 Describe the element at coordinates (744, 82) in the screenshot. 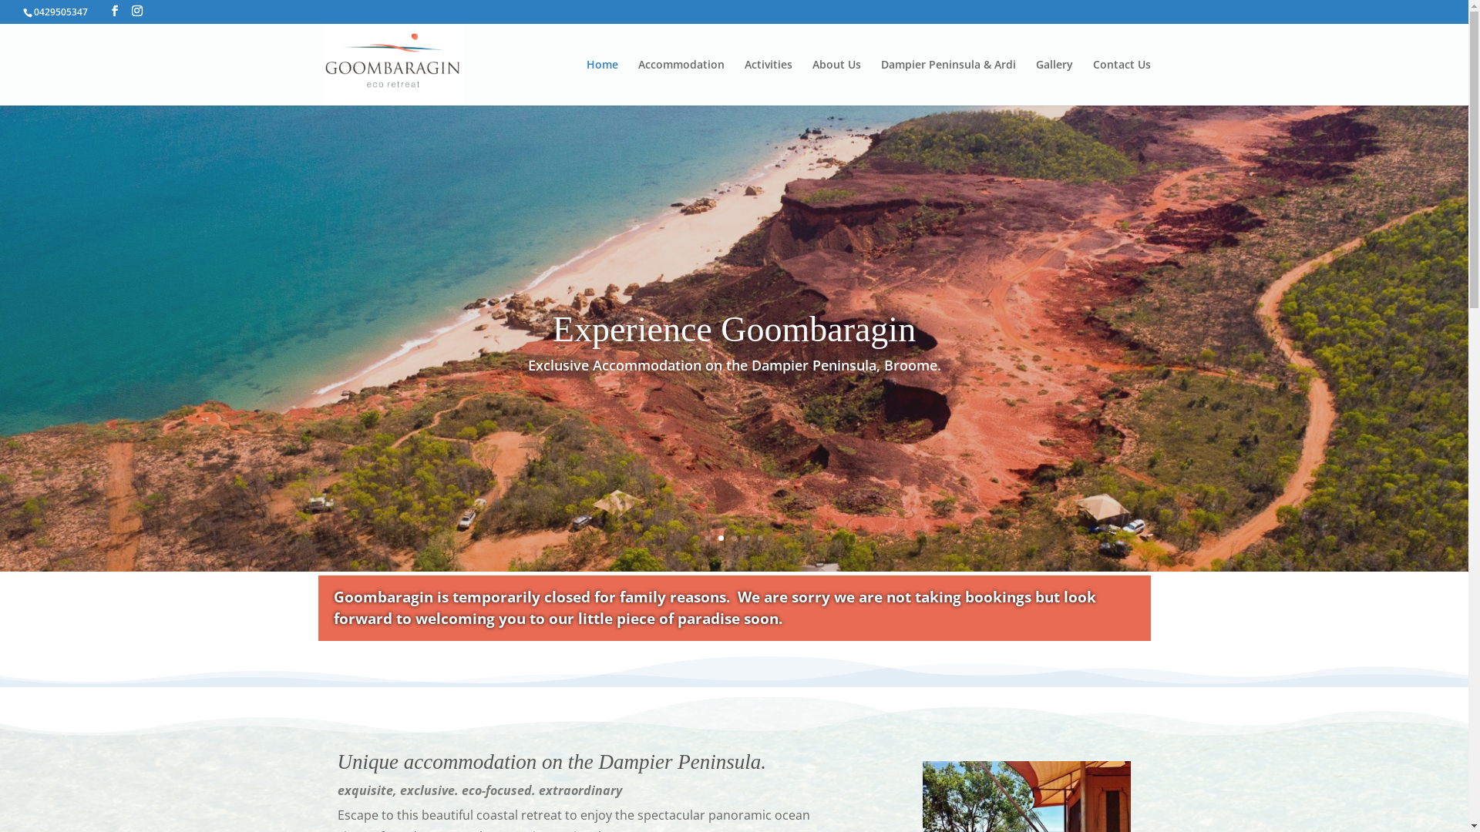

I see `'Activities'` at that location.